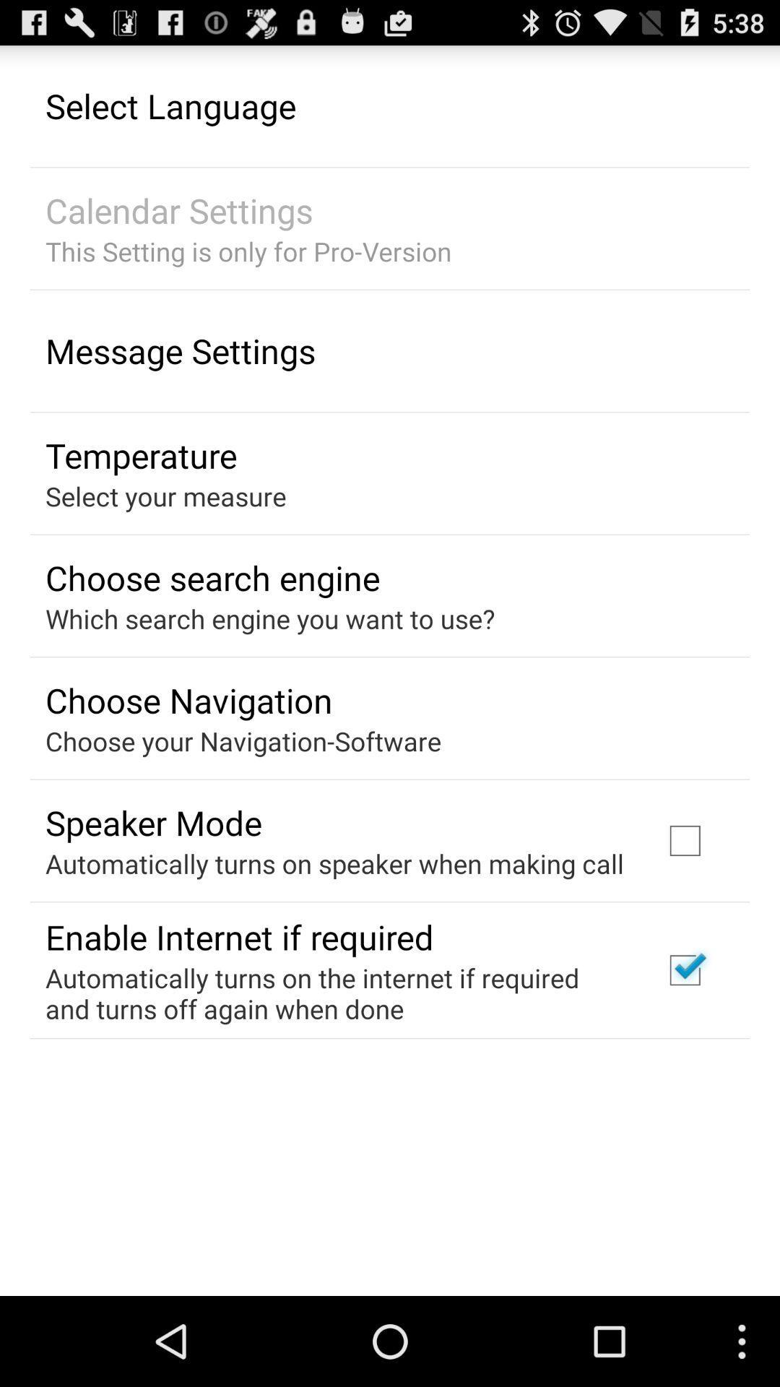 The image size is (780, 1387). I want to click on the item below the choose your navigation app, so click(153, 822).